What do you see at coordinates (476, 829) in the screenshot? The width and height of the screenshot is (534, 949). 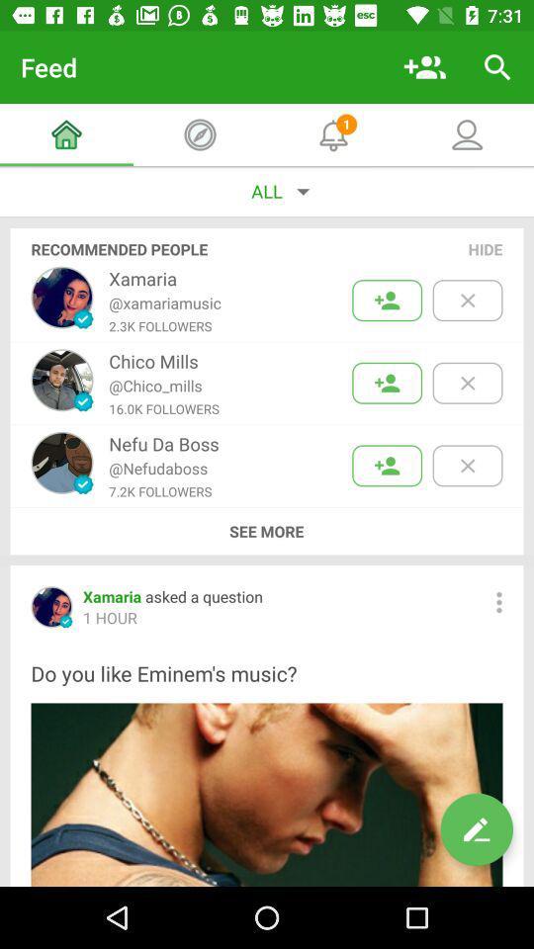 I see `edit response` at bounding box center [476, 829].